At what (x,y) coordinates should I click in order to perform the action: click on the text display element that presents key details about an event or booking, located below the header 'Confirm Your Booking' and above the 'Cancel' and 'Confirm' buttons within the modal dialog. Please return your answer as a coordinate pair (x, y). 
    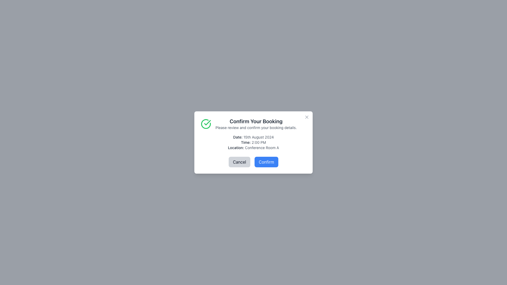
    Looking at the image, I should click on (253, 142).